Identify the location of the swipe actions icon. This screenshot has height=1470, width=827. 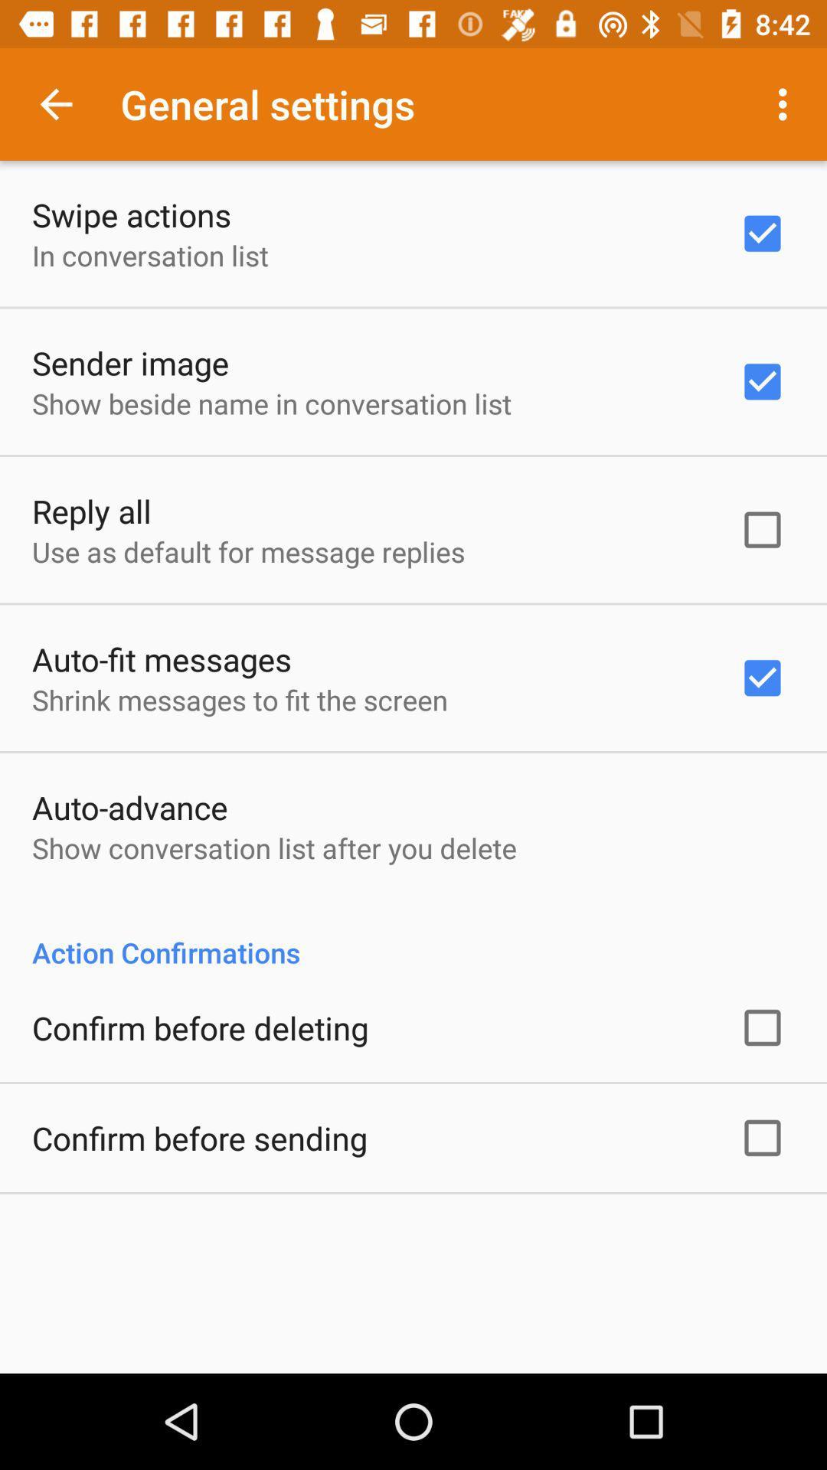
(131, 214).